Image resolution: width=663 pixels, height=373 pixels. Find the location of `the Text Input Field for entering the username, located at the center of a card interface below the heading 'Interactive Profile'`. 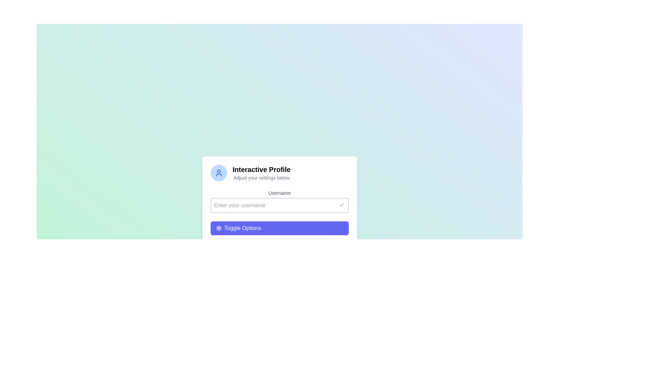

the Text Input Field for entering the username, located at the center of a card interface below the heading 'Interactive Profile' is located at coordinates (279, 201).